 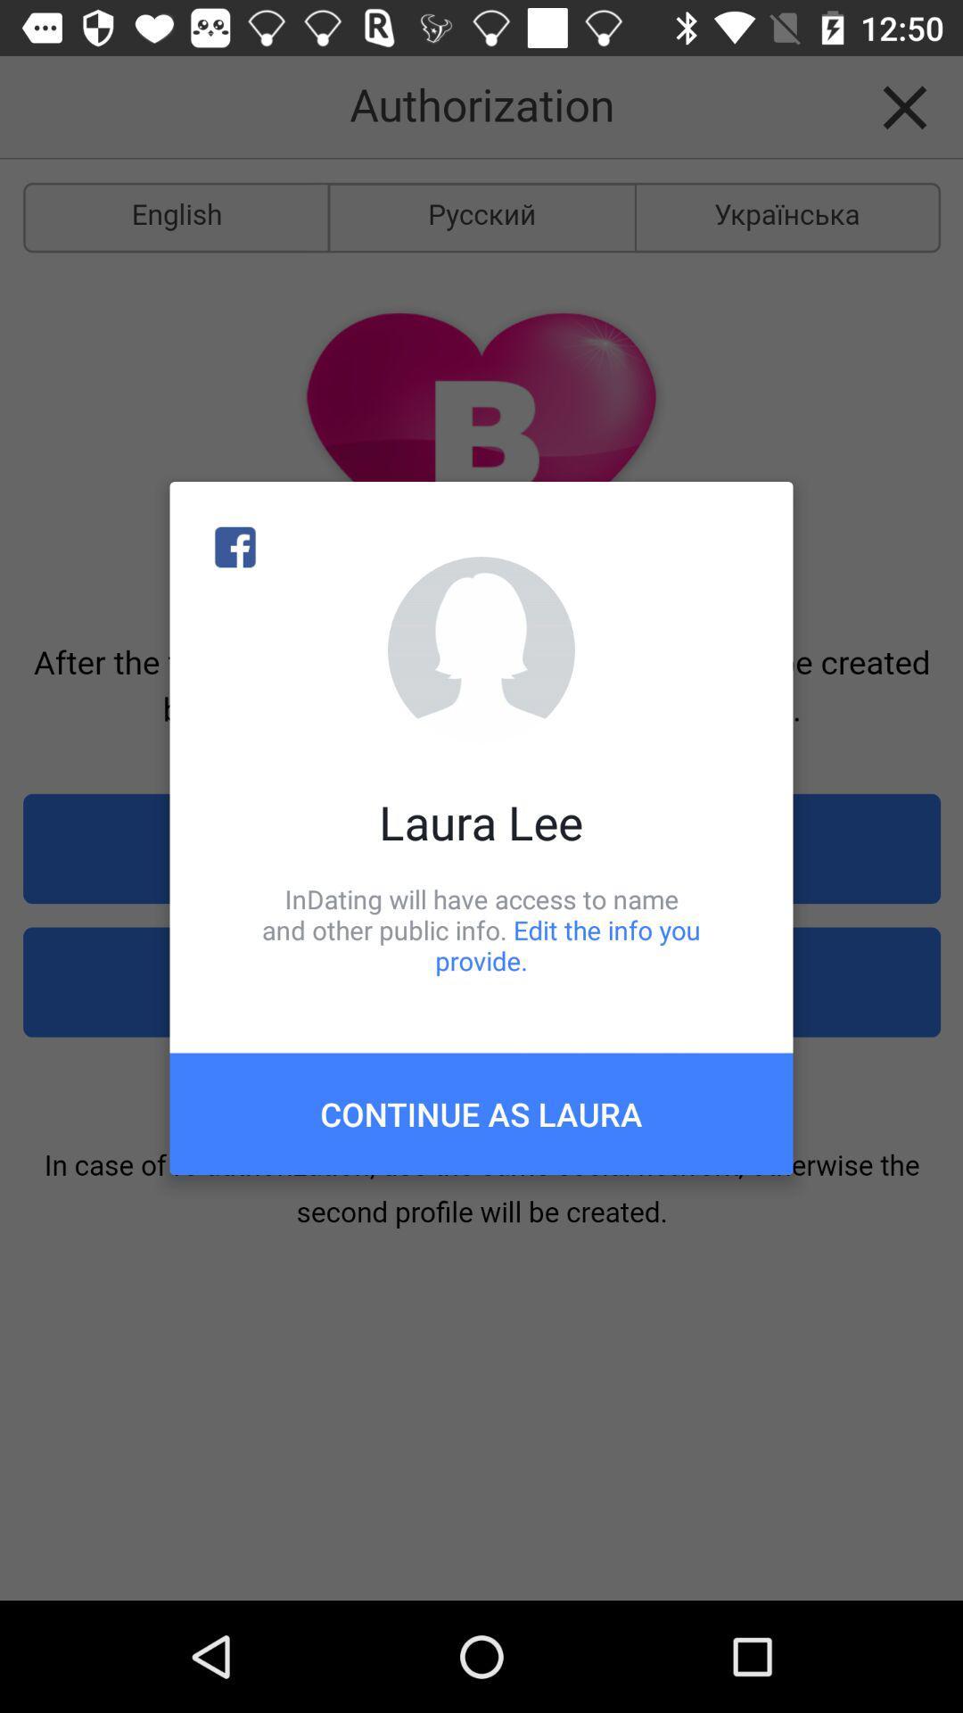 I want to click on continue as laura item, so click(x=481, y=1113).